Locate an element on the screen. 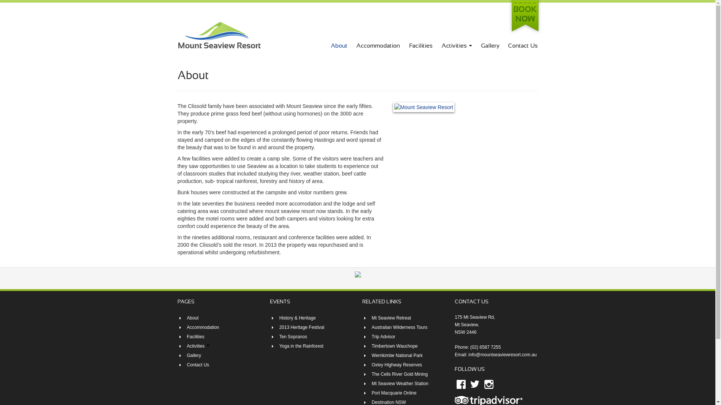 This screenshot has height=405, width=721. 'Book Now' is located at coordinates (524, 17).